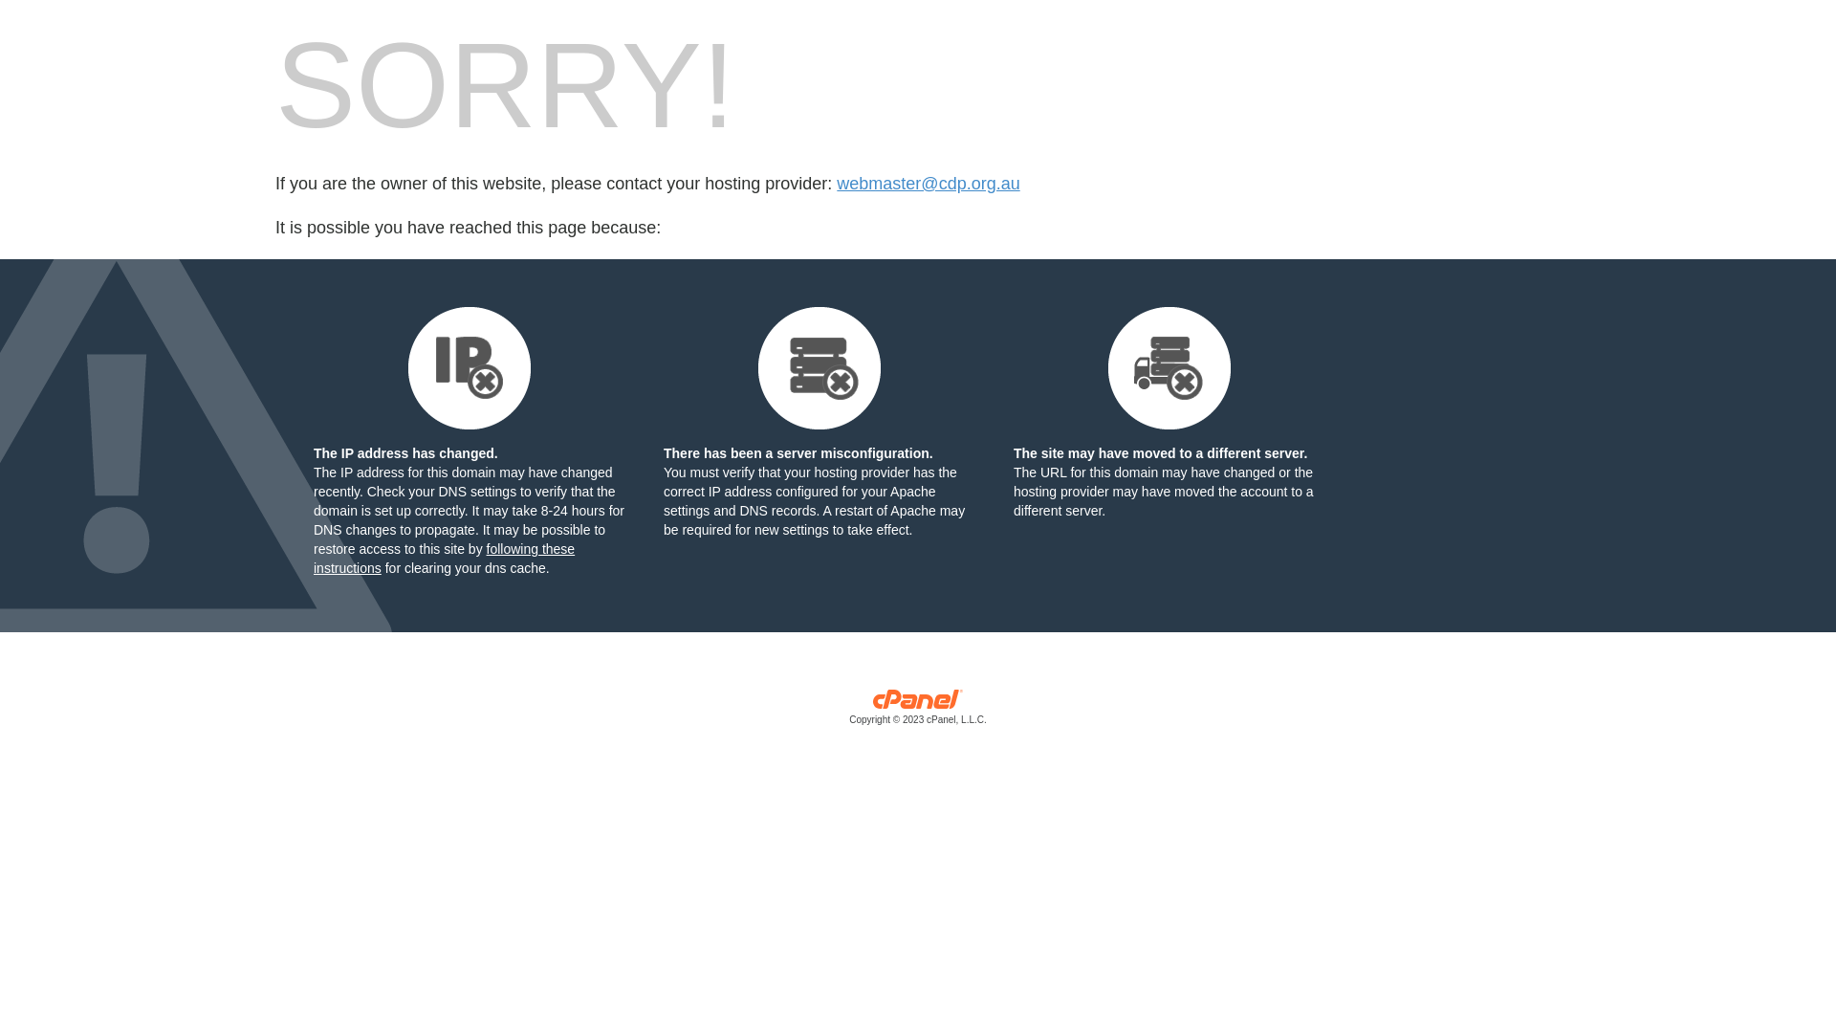 The width and height of the screenshot is (1836, 1033). Describe the element at coordinates (928, 184) in the screenshot. I see `'webmaster@cdp.org.au'` at that location.